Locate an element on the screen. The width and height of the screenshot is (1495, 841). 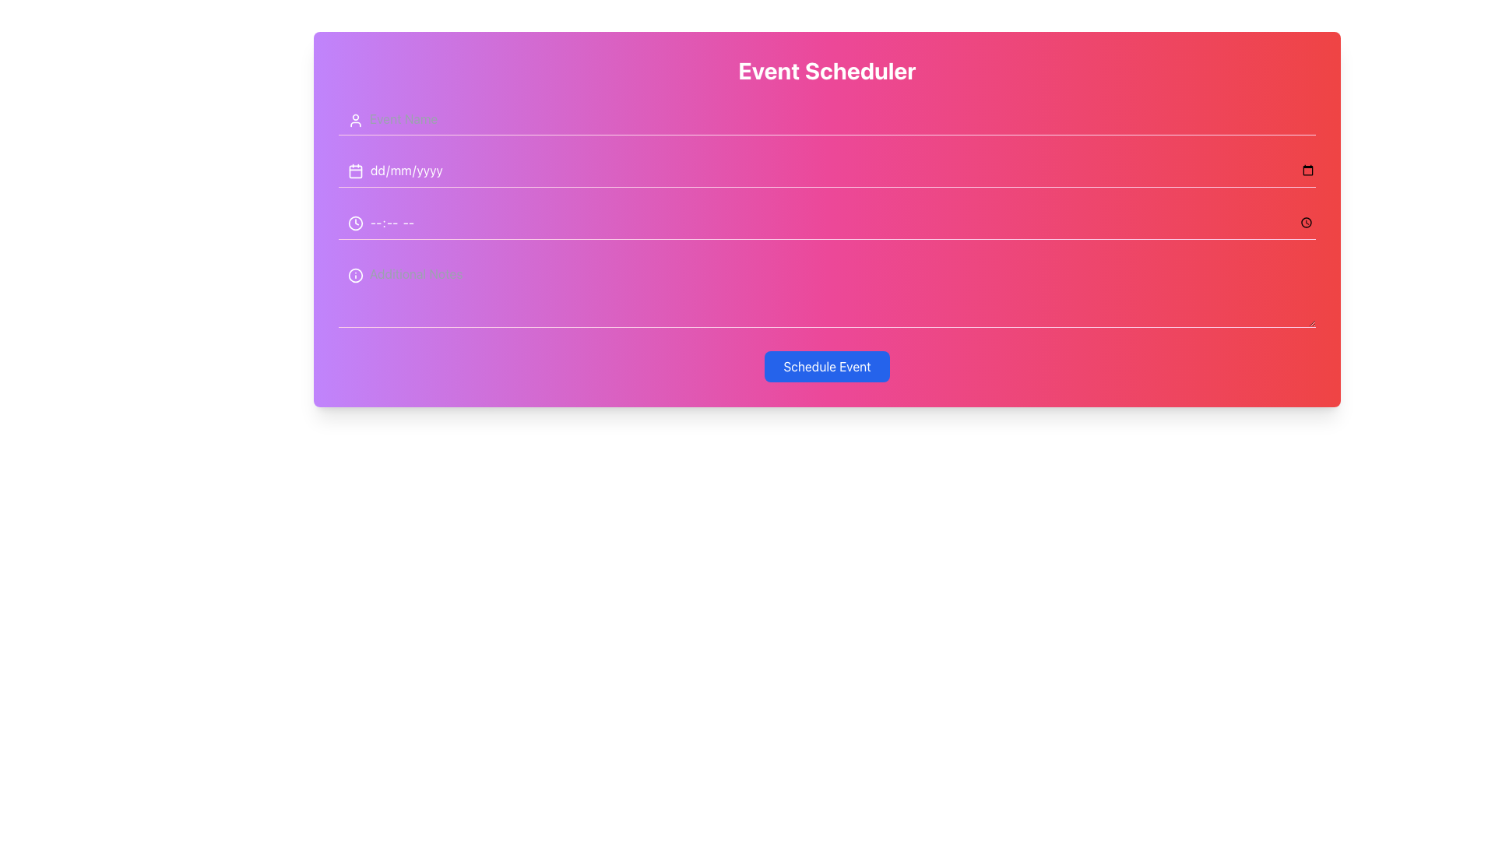
the small circle information icon with a white stroke, located to the left of the 'Additional Notes' text field is located at coordinates (354, 275).